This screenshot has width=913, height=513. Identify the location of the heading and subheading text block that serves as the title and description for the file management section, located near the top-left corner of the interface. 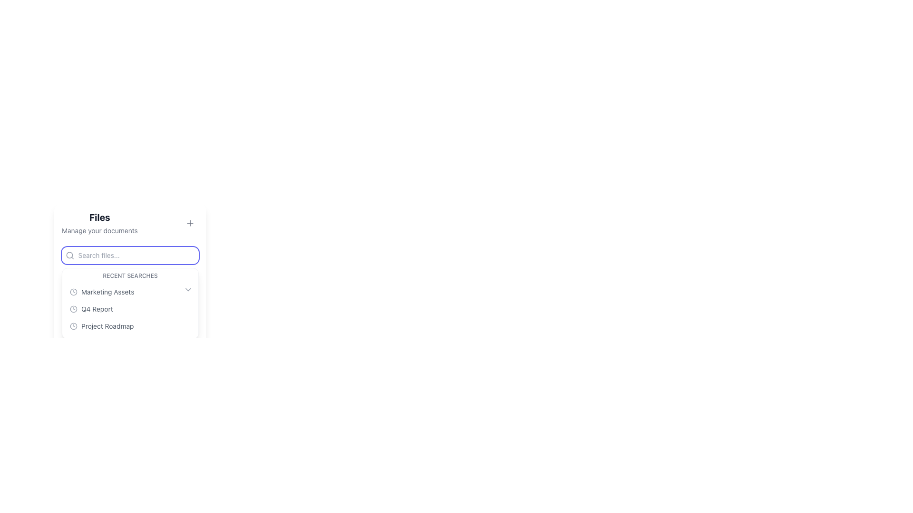
(99, 223).